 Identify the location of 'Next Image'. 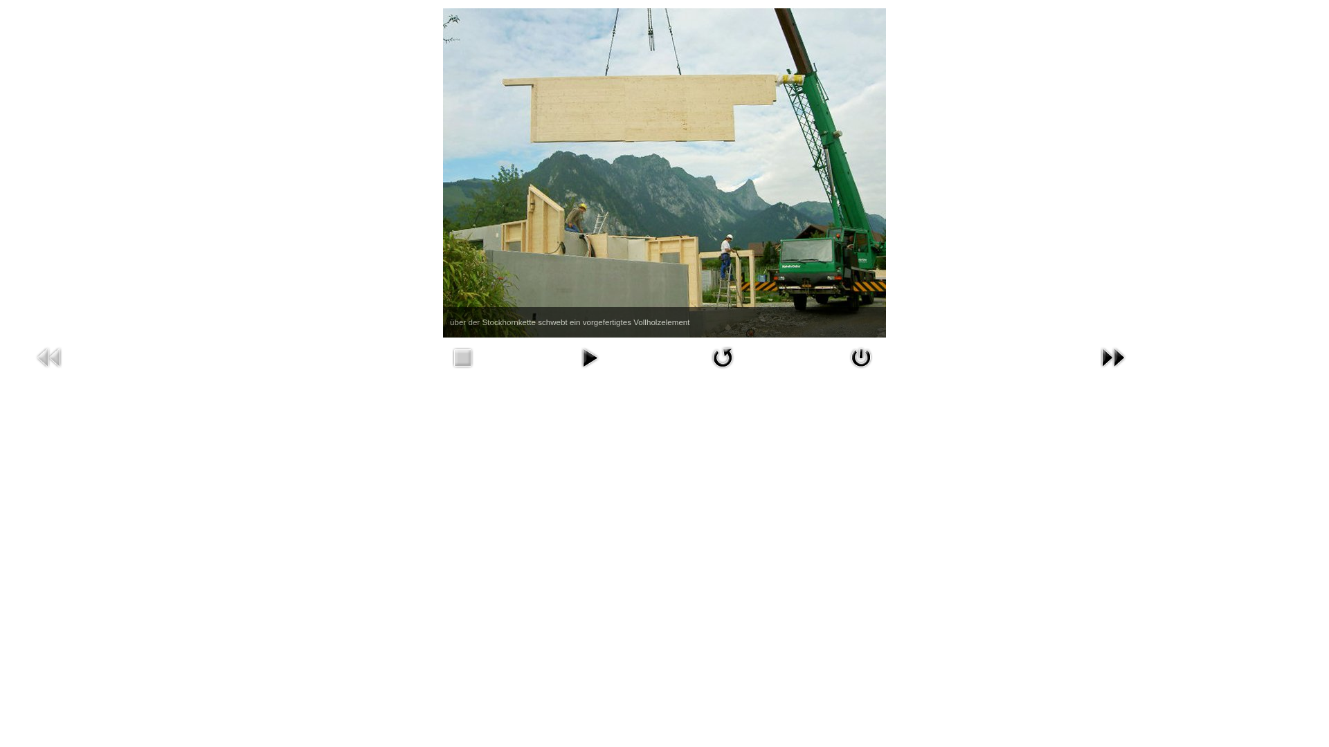
(1113, 356).